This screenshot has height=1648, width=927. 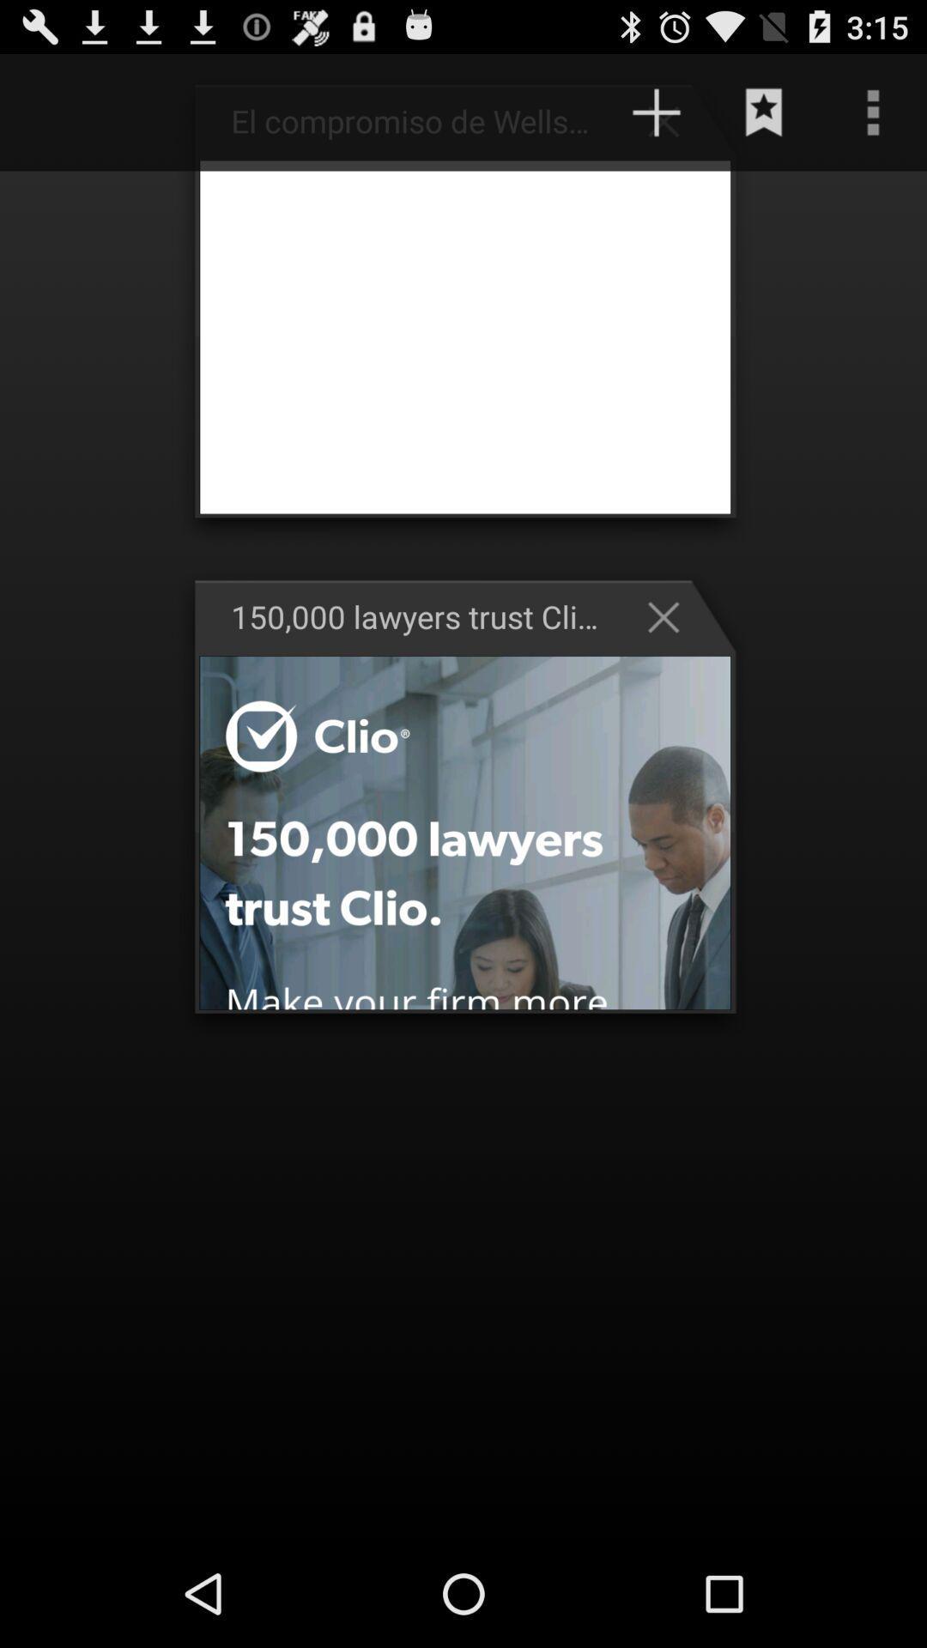 I want to click on x in the second image, so click(x=671, y=617).